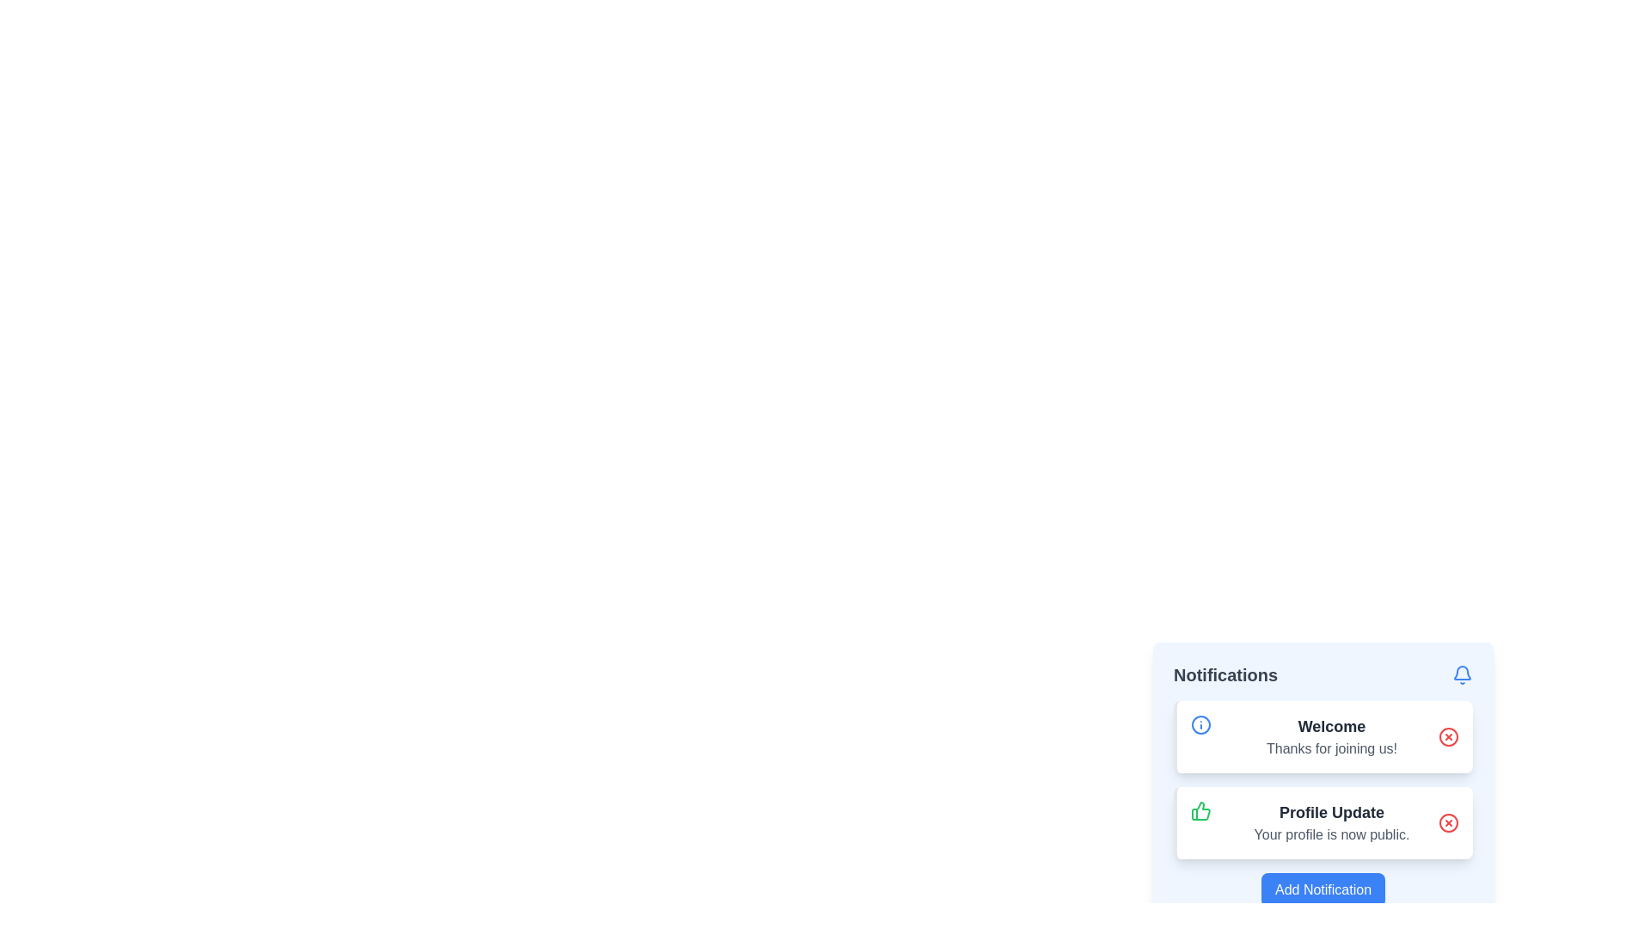  Describe the element at coordinates (1200, 810) in the screenshot. I see `the thumbs up icon associated with the 'Profile Update' notification located at the bottom of the interface` at that location.